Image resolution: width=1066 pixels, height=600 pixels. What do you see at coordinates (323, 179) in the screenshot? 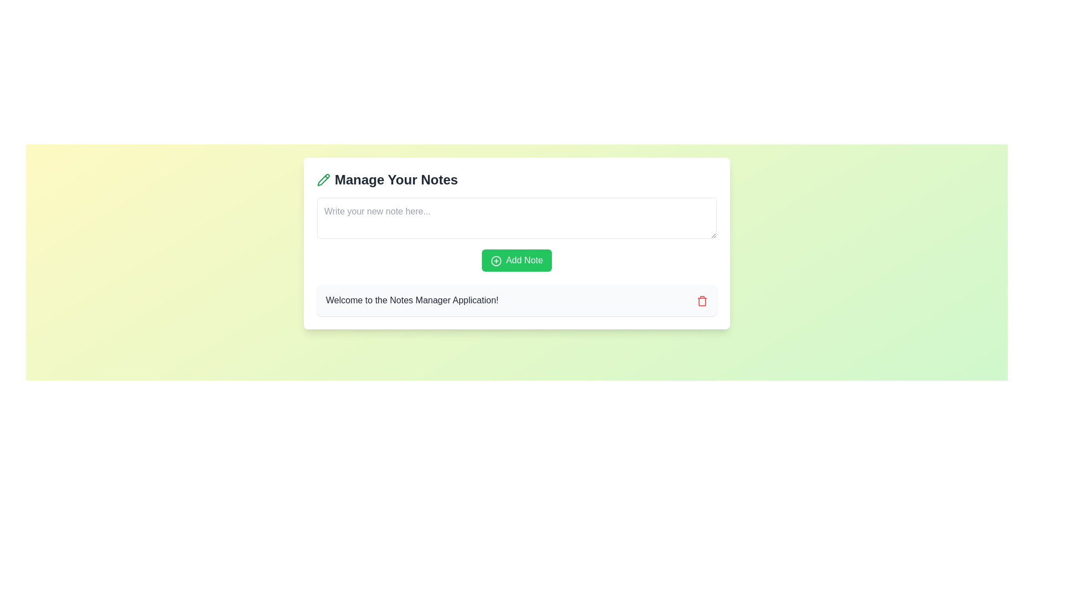
I see `the stylized green pencil icon, which is part of the SVG component and is positioned slightly to the left of the 'Manage Your Notes' text` at bounding box center [323, 179].